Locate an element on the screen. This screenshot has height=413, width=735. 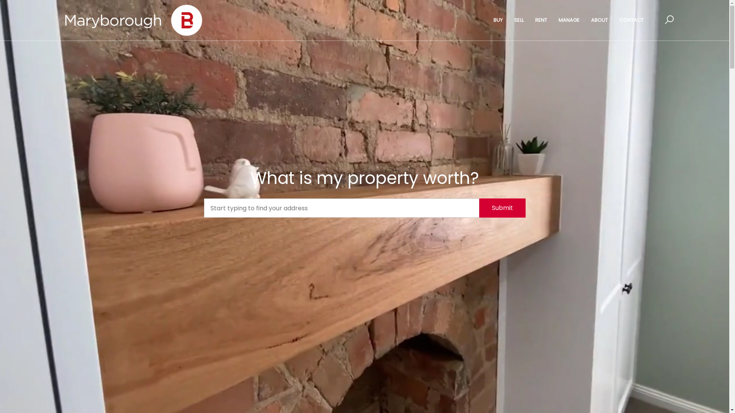
'BUY' is located at coordinates (498, 20).